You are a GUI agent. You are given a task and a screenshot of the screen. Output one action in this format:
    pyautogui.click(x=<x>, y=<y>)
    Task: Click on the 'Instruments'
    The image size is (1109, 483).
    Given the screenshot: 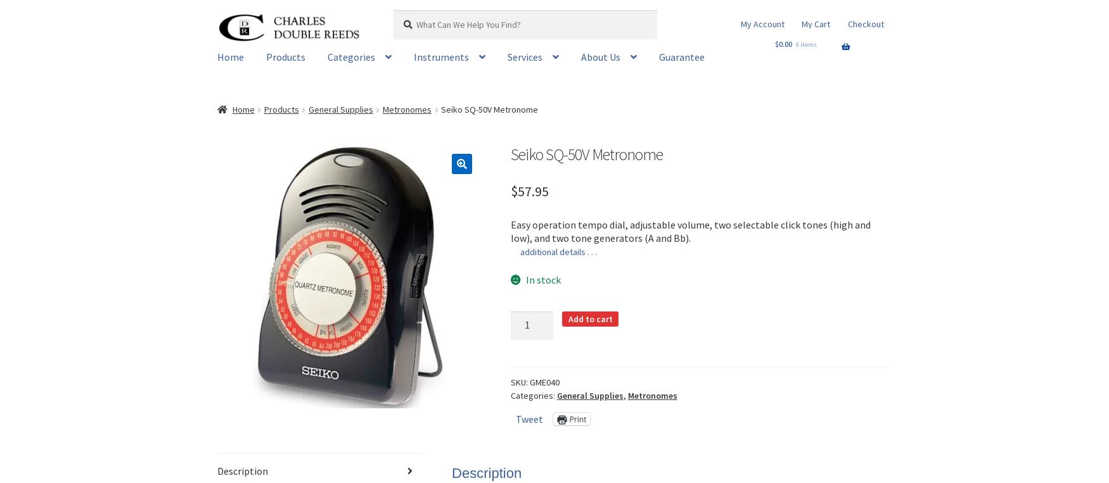 What is the action you would take?
    pyautogui.click(x=413, y=56)
    